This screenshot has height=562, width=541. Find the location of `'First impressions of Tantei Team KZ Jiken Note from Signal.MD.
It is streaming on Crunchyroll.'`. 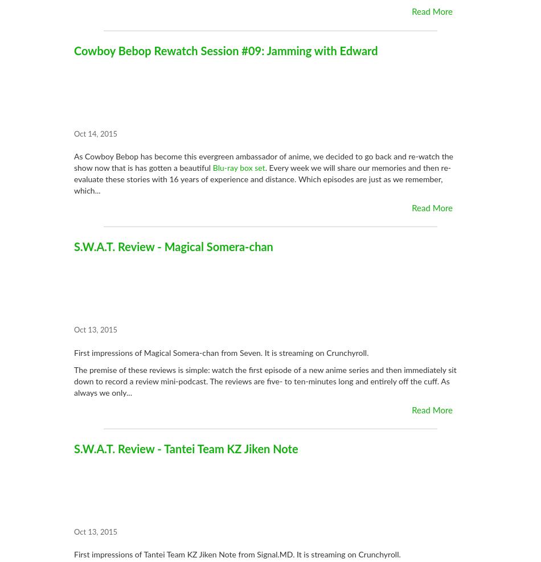

'First impressions of Tantei Team KZ Jiken Note from Signal.MD.
It is streaming on Crunchyroll.' is located at coordinates (236, 555).